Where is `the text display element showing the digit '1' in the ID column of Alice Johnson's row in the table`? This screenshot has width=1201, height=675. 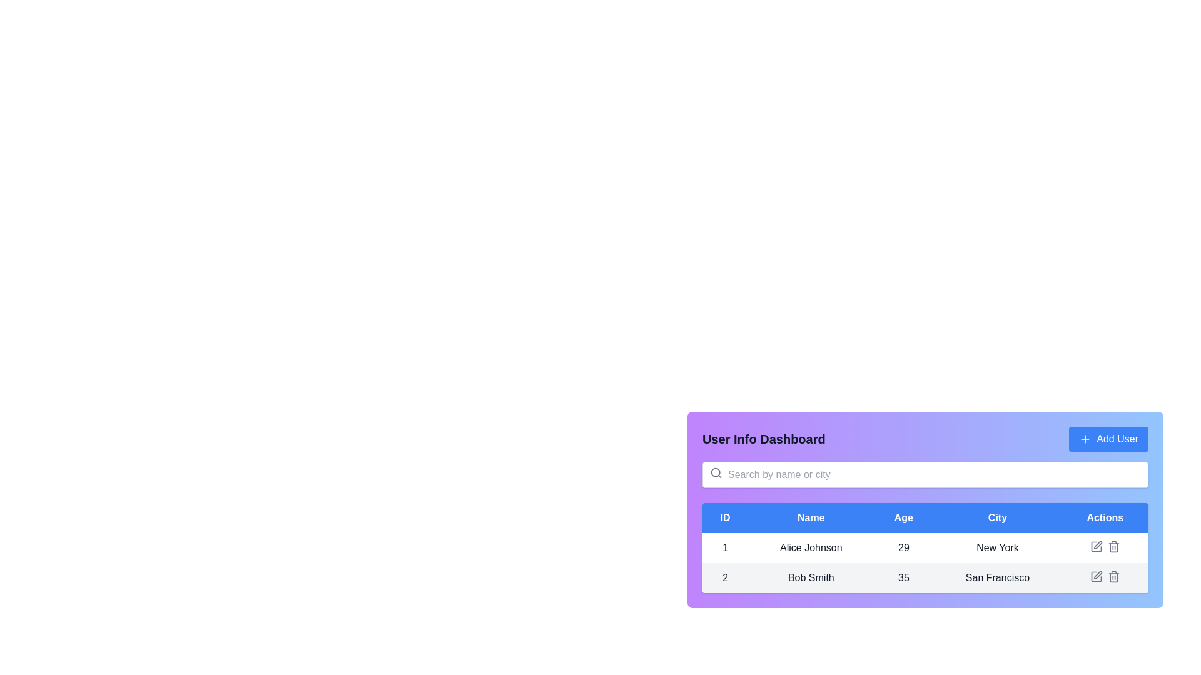
the text display element showing the digit '1' in the ID column of Alice Johnson's row in the table is located at coordinates (725, 547).